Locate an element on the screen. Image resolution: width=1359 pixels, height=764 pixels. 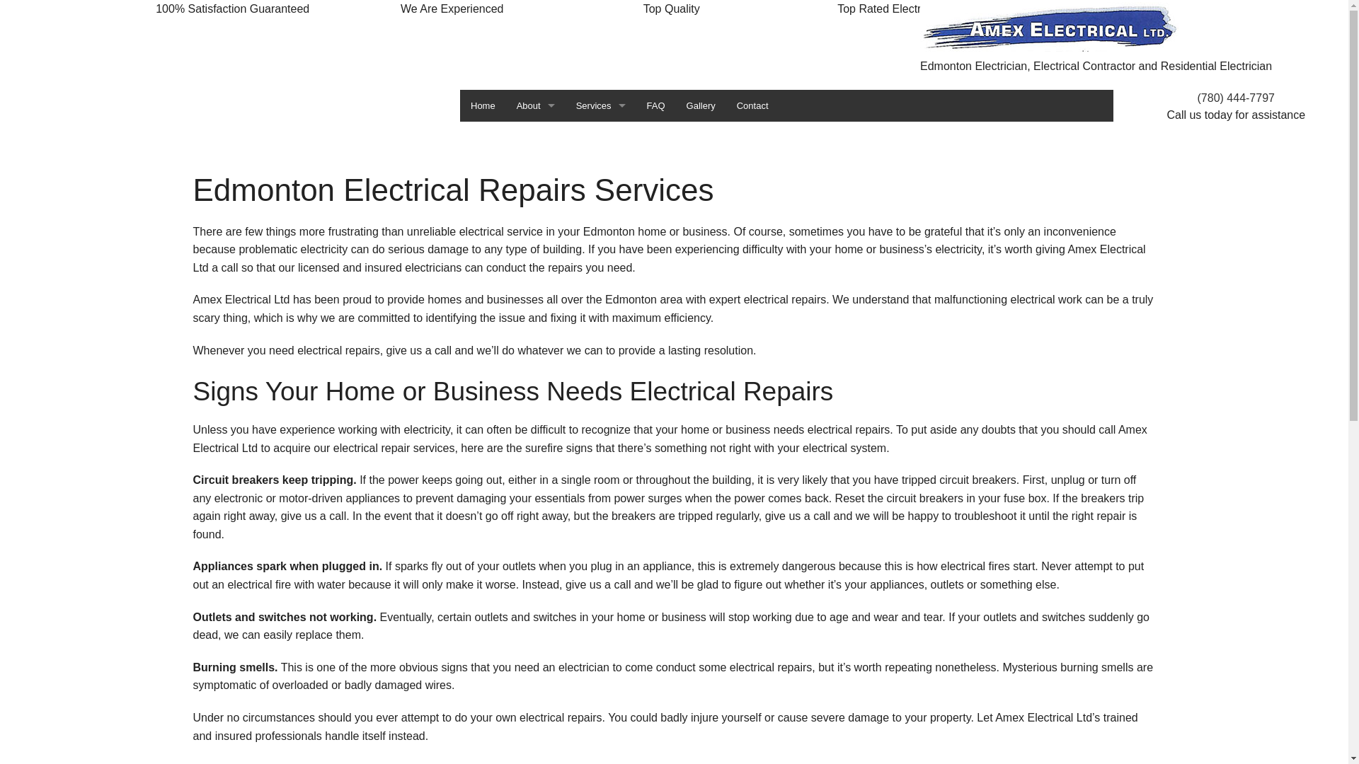
'Home' is located at coordinates (483, 105).